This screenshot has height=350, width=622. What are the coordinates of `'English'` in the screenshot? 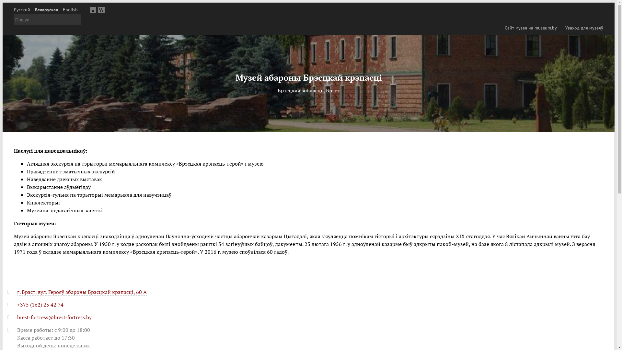 It's located at (70, 10).